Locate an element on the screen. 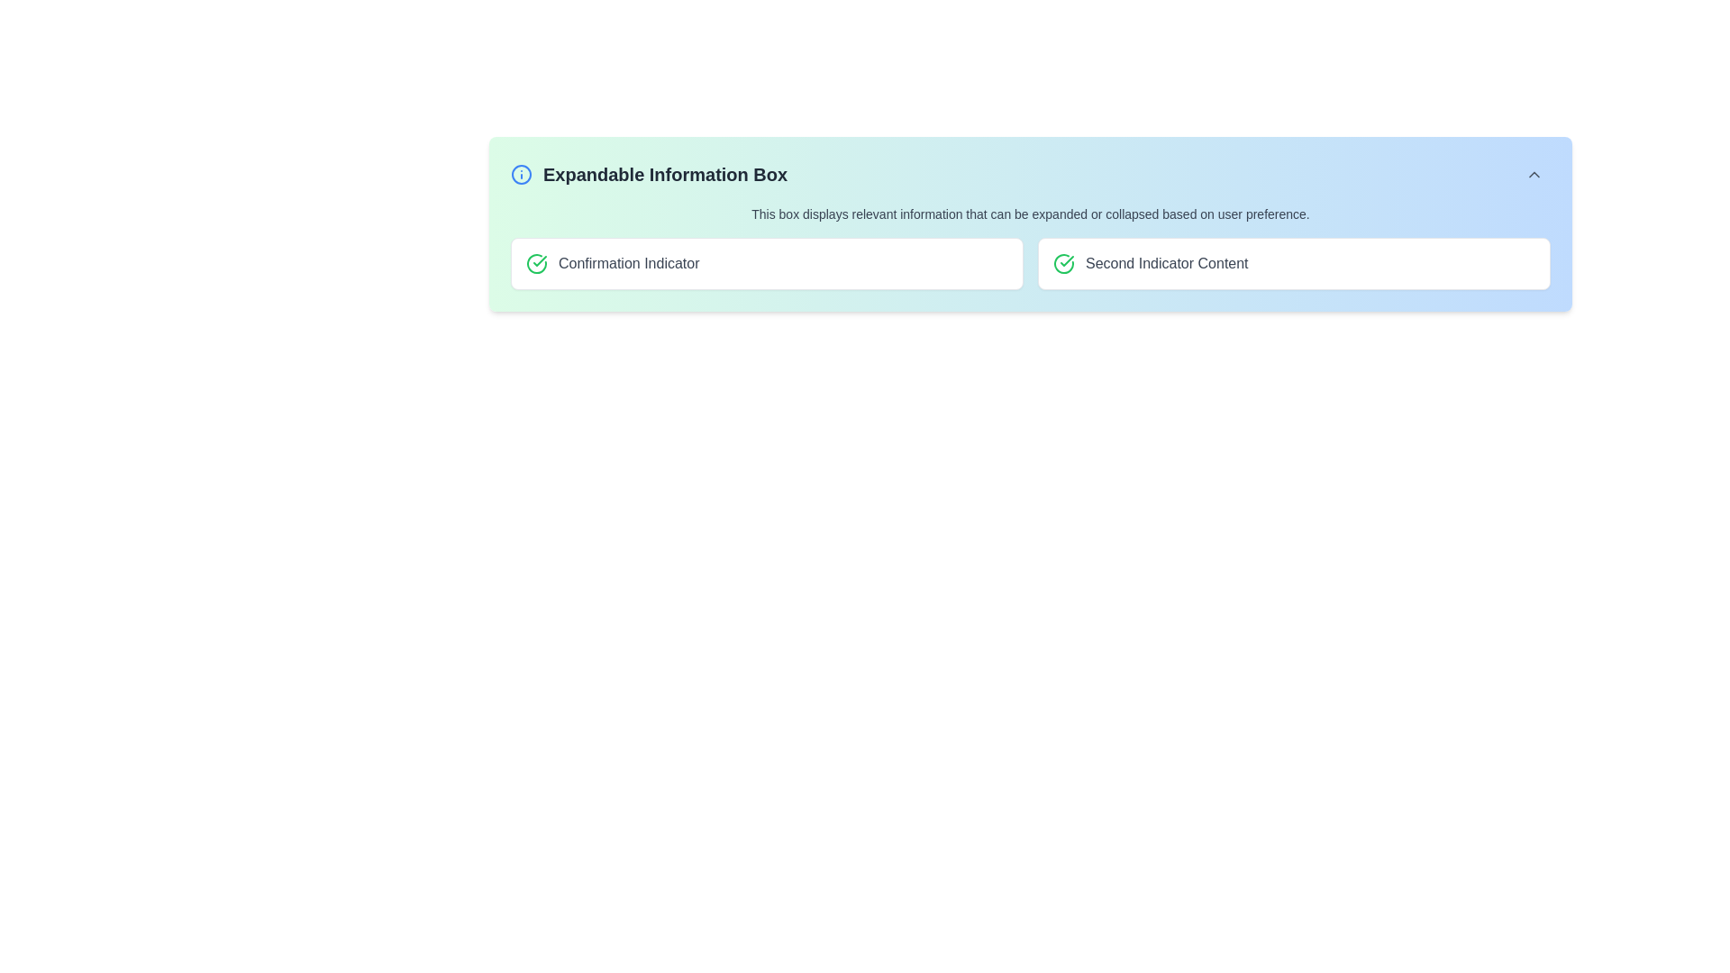 The height and width of the screenshot is (973, 1730). the small upward-facing chevron icon button located at the top-right corner of the 'Expandable Information Box' to change its background color to light gray is located at coordinates (1534, 174).